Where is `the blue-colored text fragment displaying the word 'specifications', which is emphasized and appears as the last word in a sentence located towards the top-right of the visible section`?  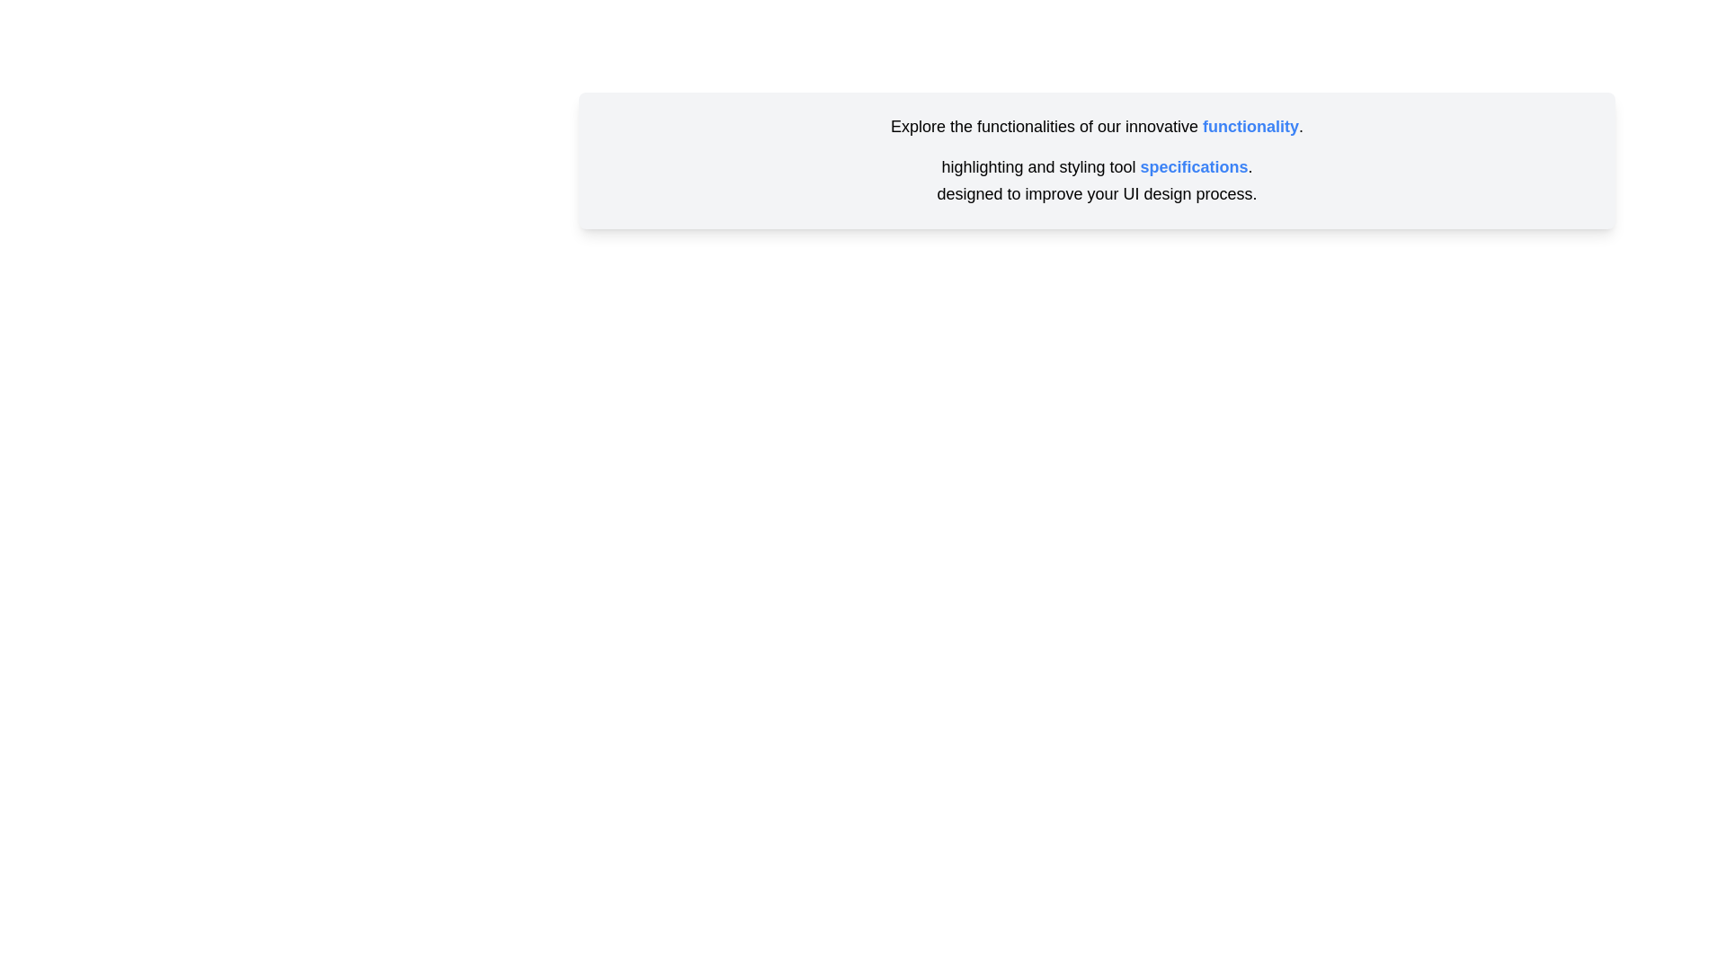
the blue-colored text fragment displaying the word 'specifications', which is emphasized and appears as the last word in a sentence located towards the top-right of the visible section is located at coordinates (1194, 167).